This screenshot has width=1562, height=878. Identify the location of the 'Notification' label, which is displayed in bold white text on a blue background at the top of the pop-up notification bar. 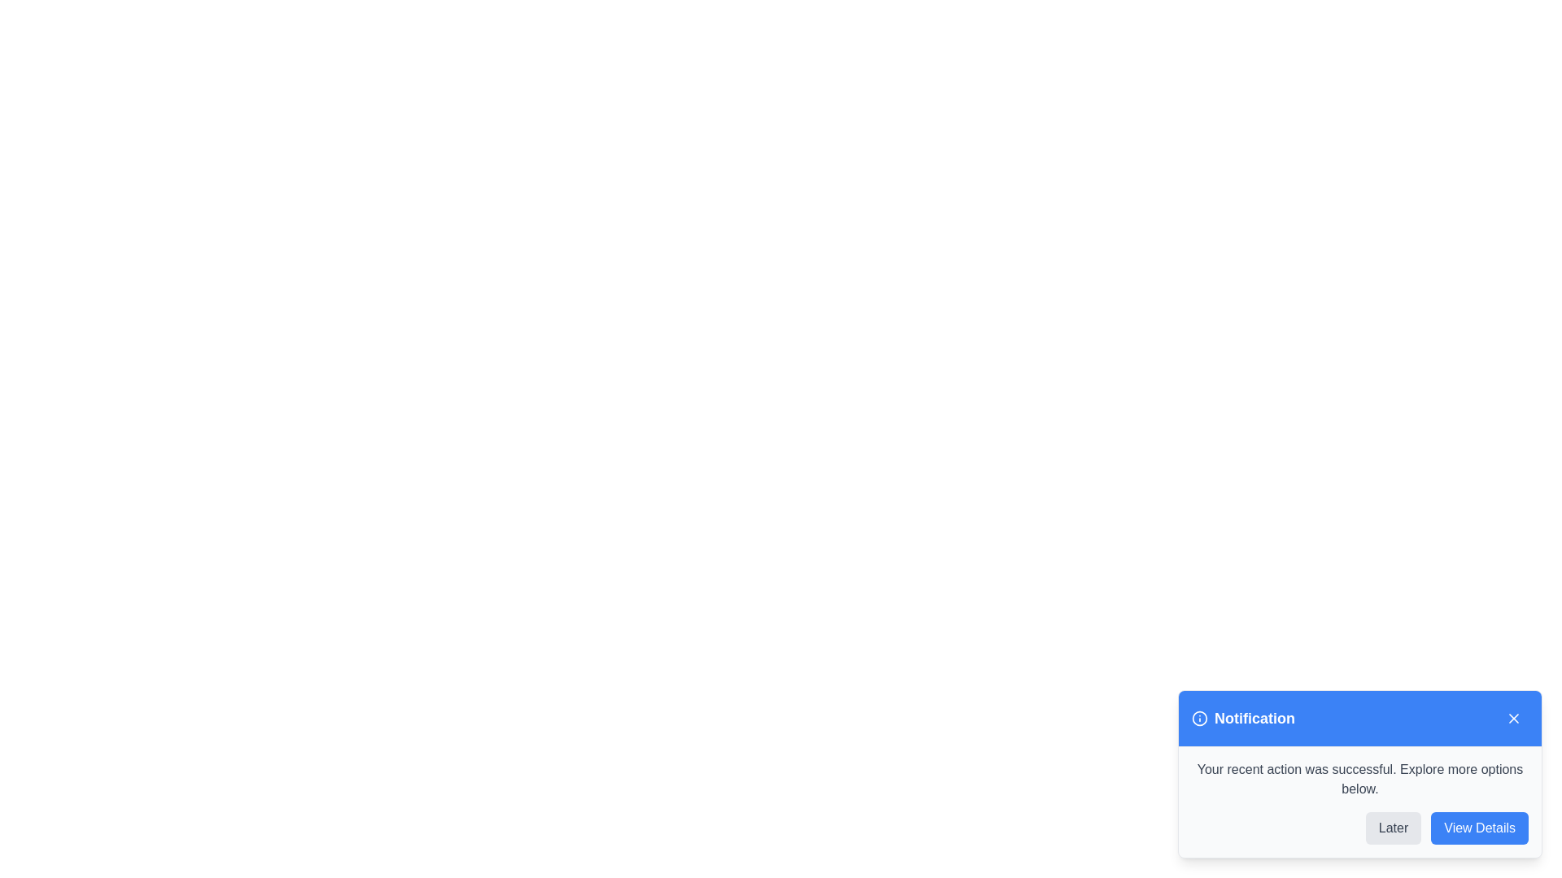
(1254, 717).